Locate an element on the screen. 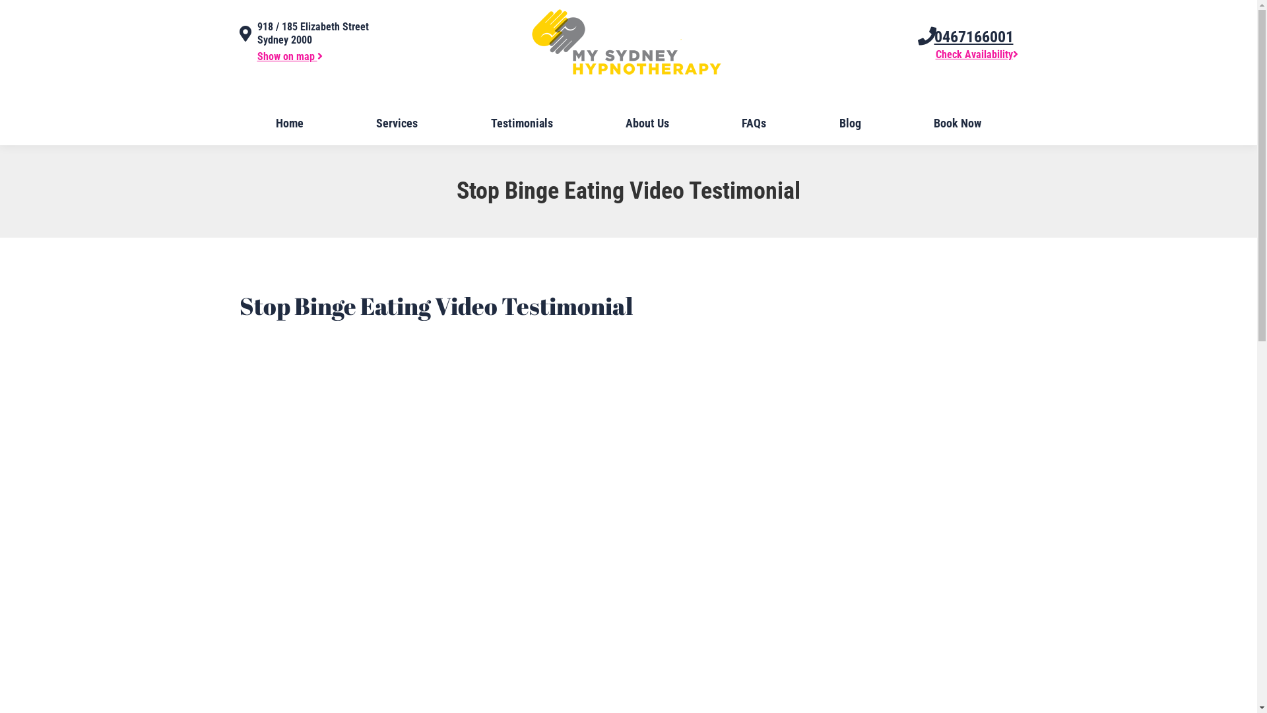  'Blog' is located at coordinates (850, 123).